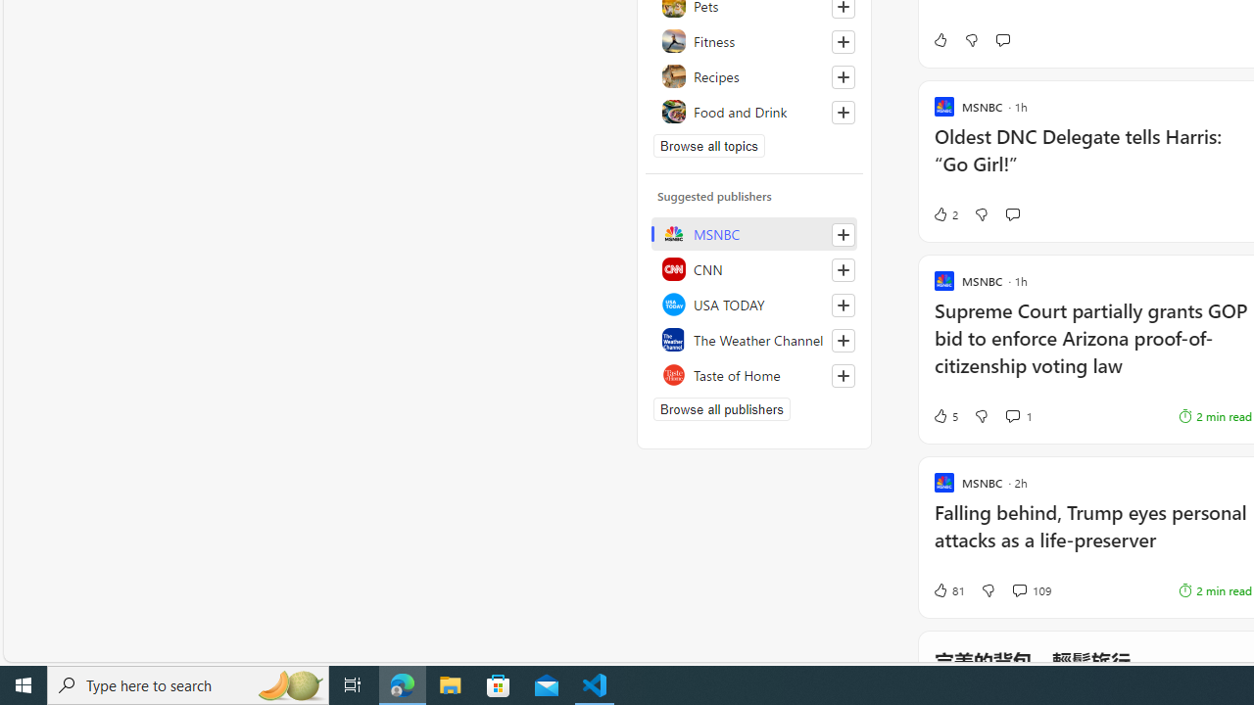 This screenshot has width=1254, height=705. I want to click on 'Follow this source', so click(843, 376).